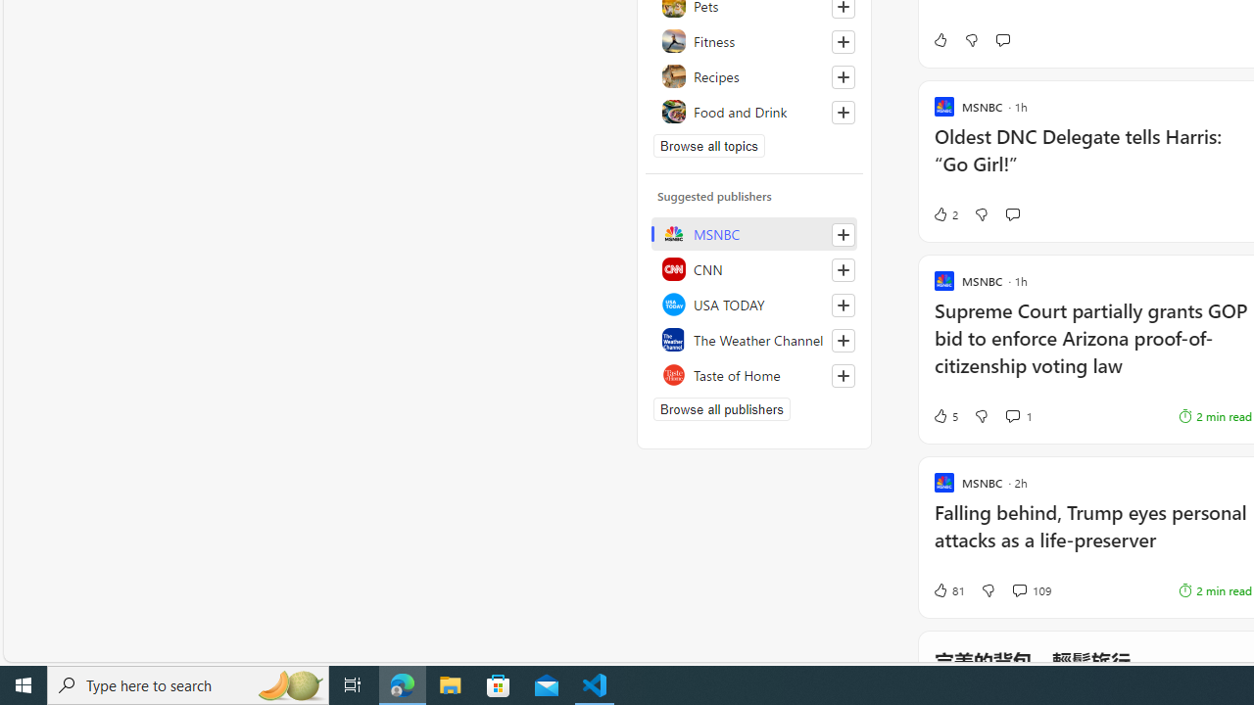 This screenshot has width=1254, height=705. I want to click on 'Follow this source', so click(843, 376).